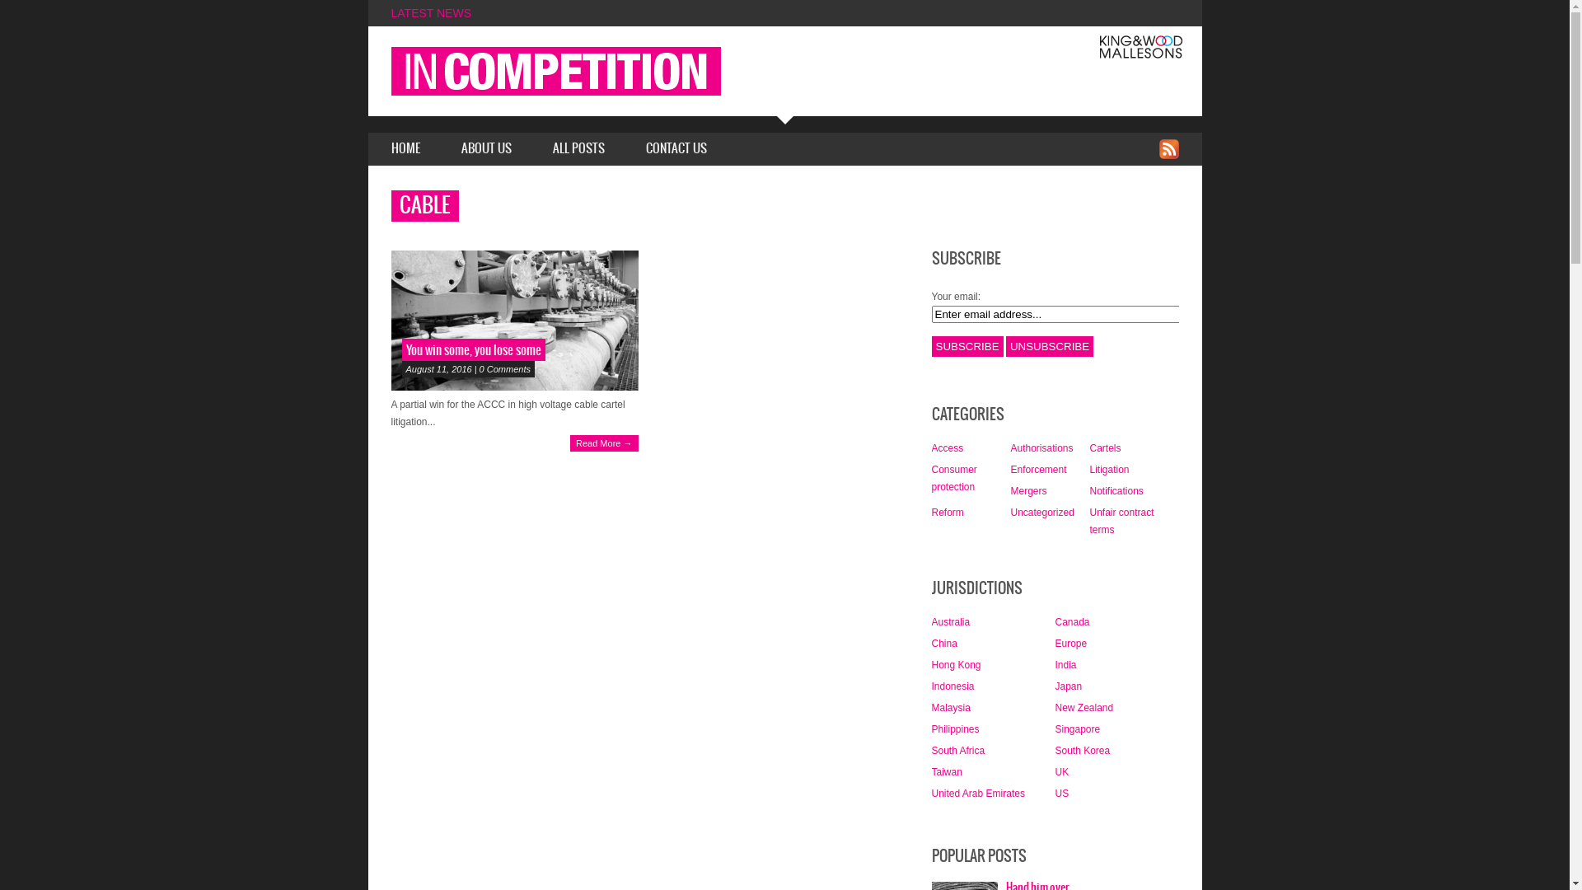  Describe the element at coordinates (947, 511) in the screenshot. I see `'Reform'` at that location.